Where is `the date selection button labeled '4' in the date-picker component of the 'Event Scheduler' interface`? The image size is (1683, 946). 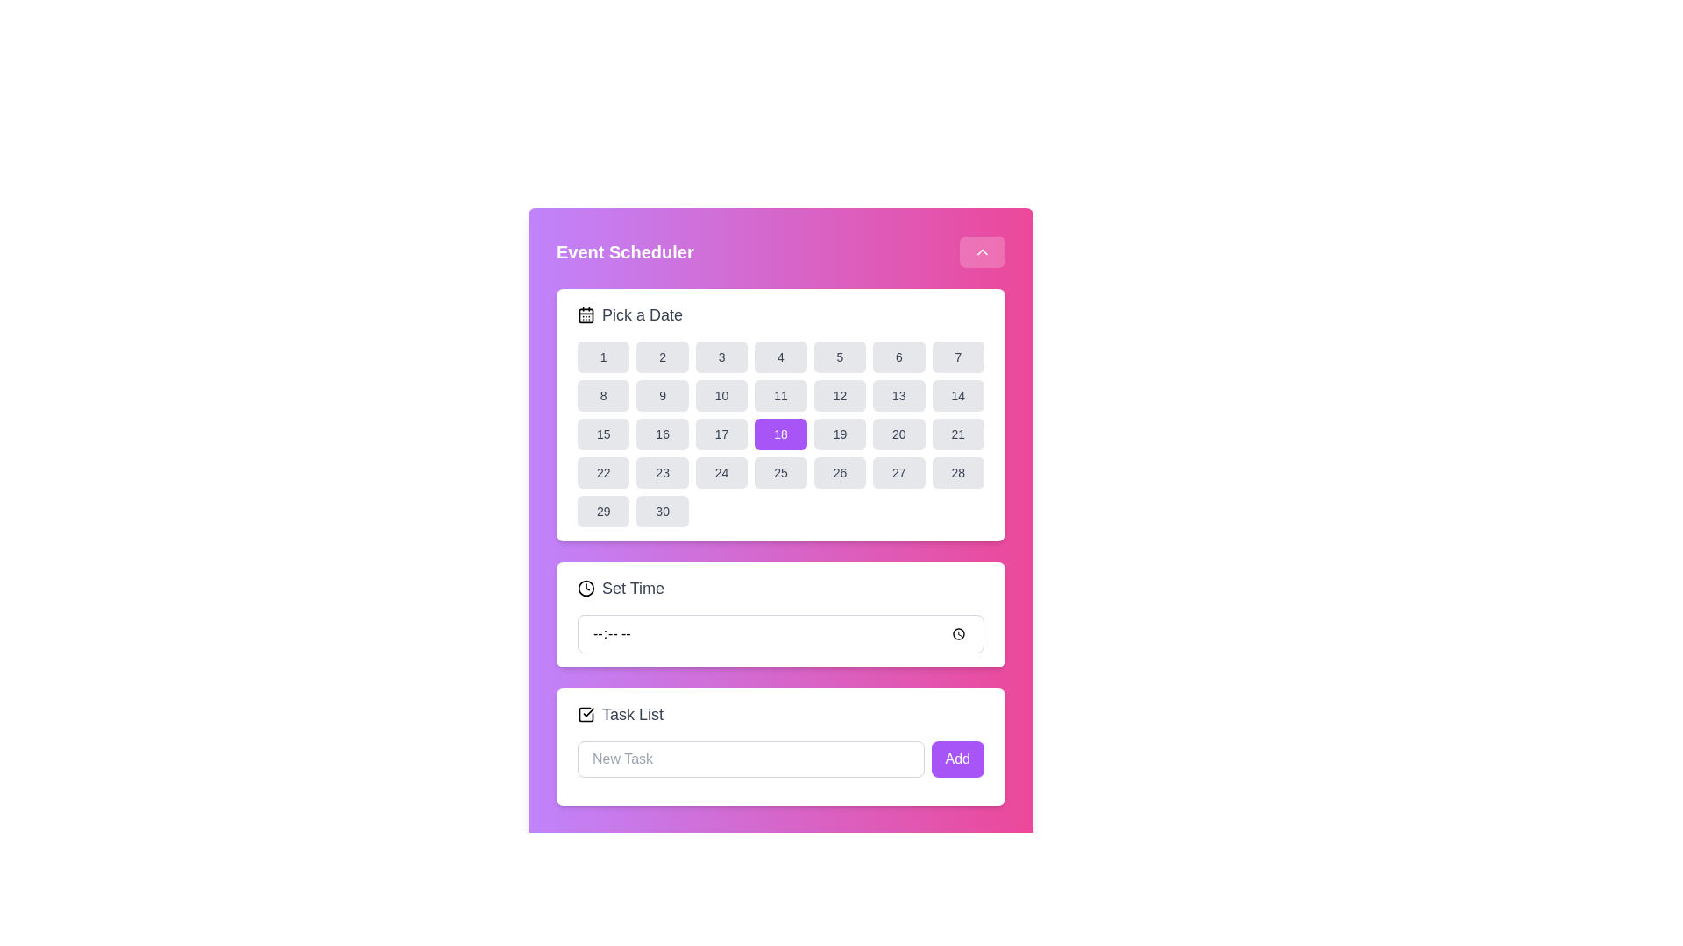
the date selection button labeled '4' in the date-picker component of the 'Event Scheduler' interface is located at coordinates (780, 357).